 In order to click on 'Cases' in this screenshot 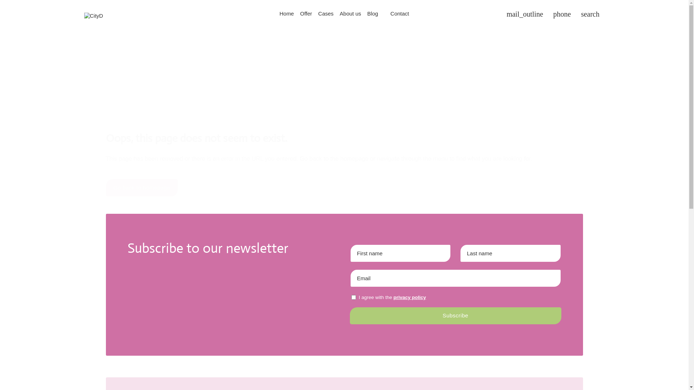, I will do `click(326, 13)`.